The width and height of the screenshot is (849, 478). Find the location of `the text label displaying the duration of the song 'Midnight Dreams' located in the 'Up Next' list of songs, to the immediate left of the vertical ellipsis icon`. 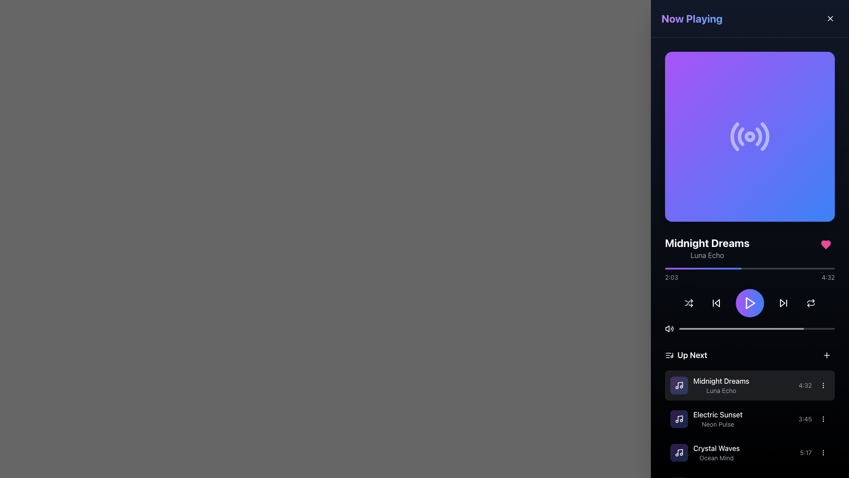

the text label displaying the duration of the song 'Midnight Dreams' located in the 'Up Next' list of songs, to the immediate left of the vertical ellipsis icon is located at coordinates (814, 385).